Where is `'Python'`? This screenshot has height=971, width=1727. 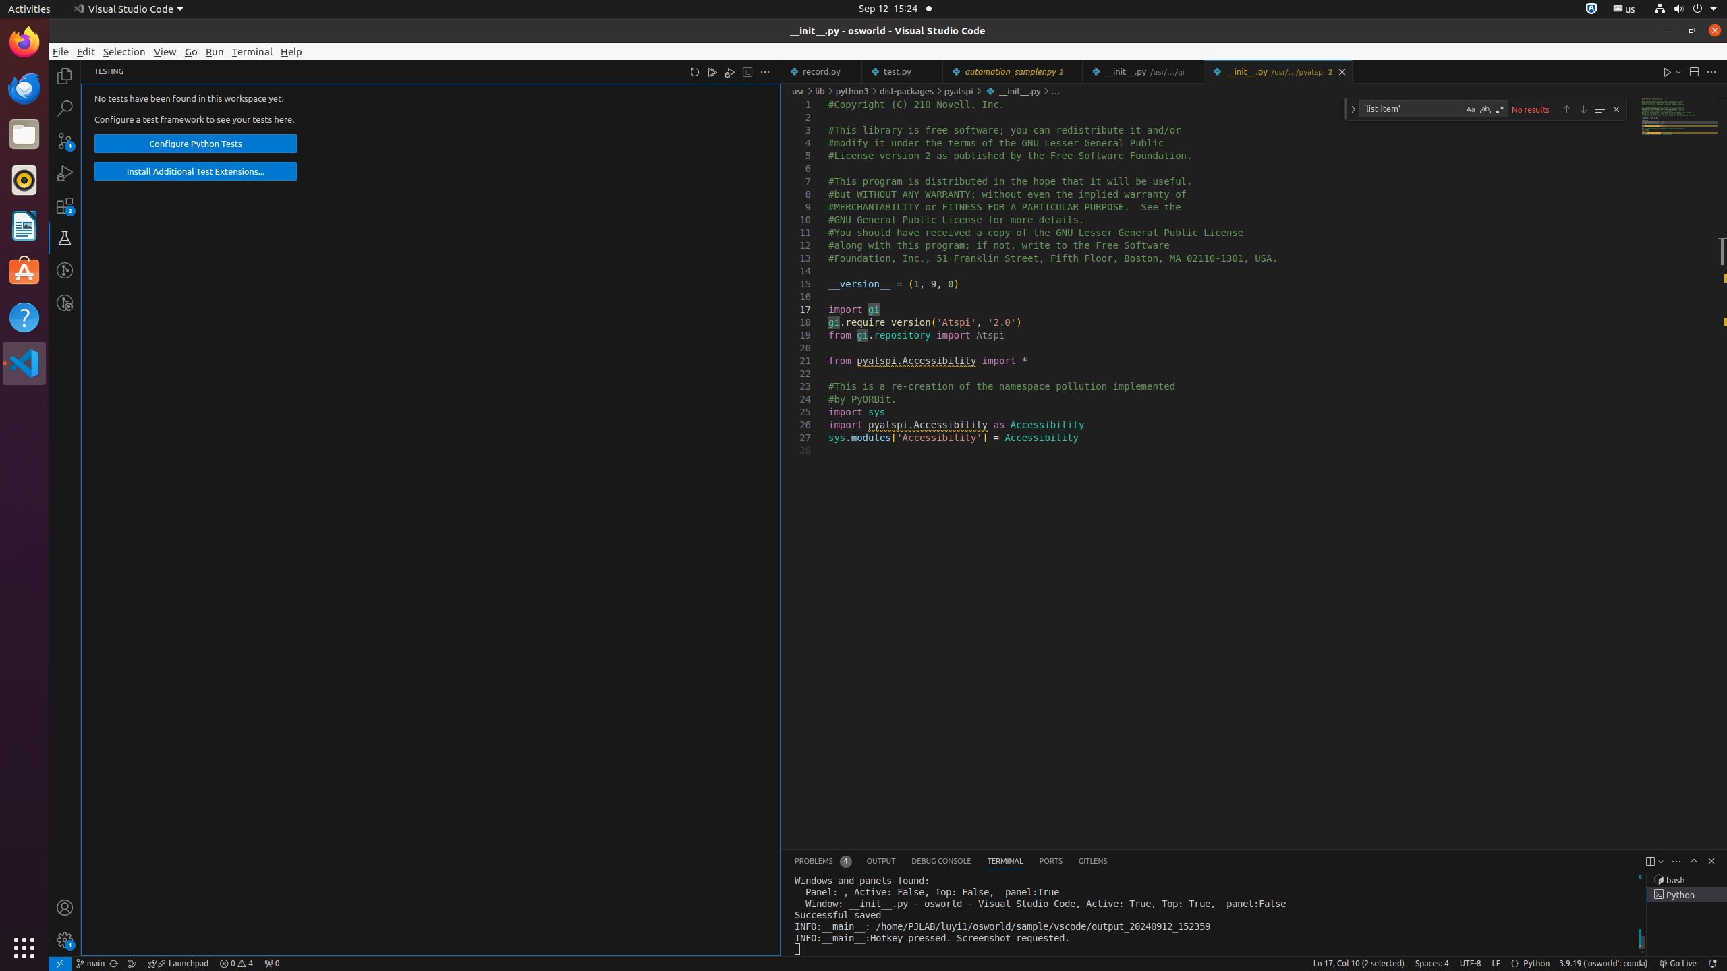 'Python' is located at coordinates (1535, 963).